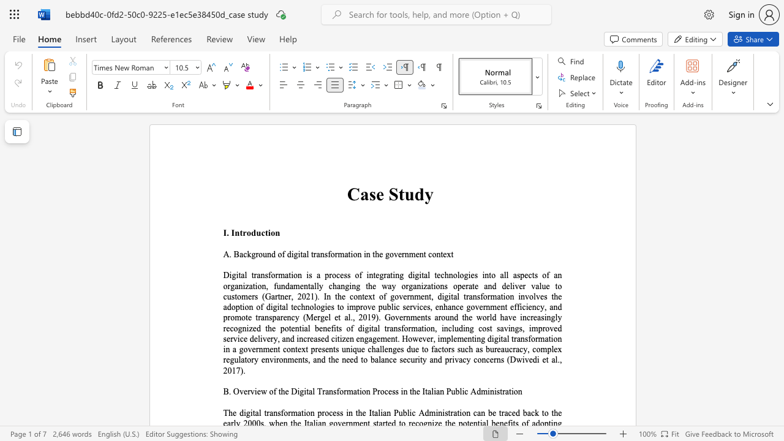  I want to click on the 20th character "i" in the text, so click(363, 328).